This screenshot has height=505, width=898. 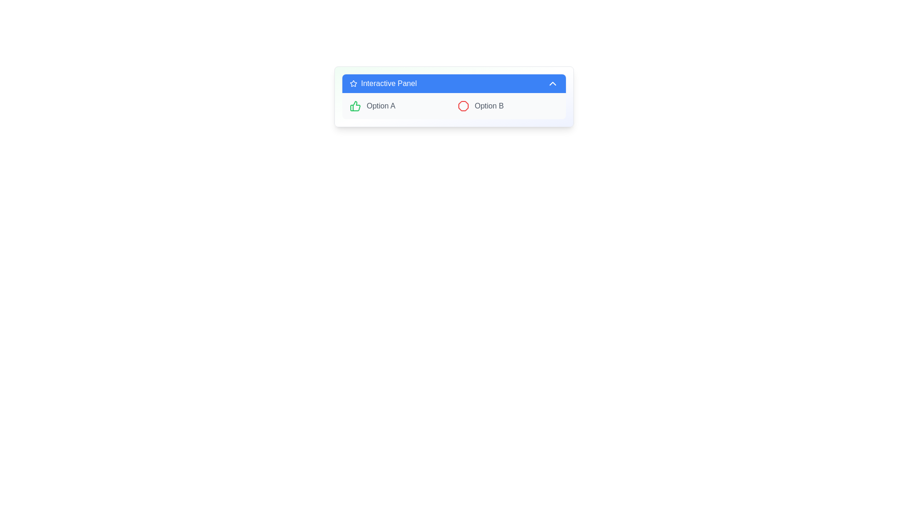 I want to click on the context of the third text label element in the top section of the card layout, positioned to the right of the star icon, so click(x=389, y=83).